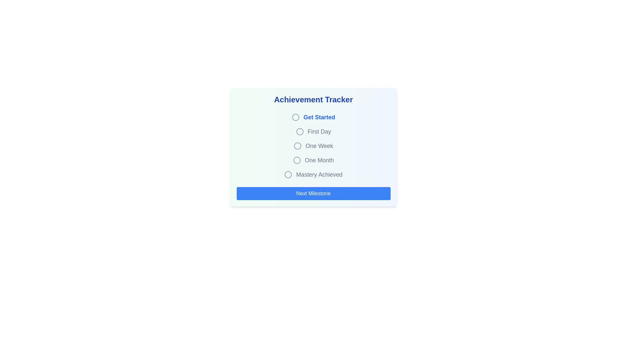 Image resolution: width=626 pixels, height=352 pixels. What do you see at coordinates (299, 132) in the screenshot?
I see `the radio button for the 'First Day' milestone in the achievement tracker` at bounding box center [299, 132].